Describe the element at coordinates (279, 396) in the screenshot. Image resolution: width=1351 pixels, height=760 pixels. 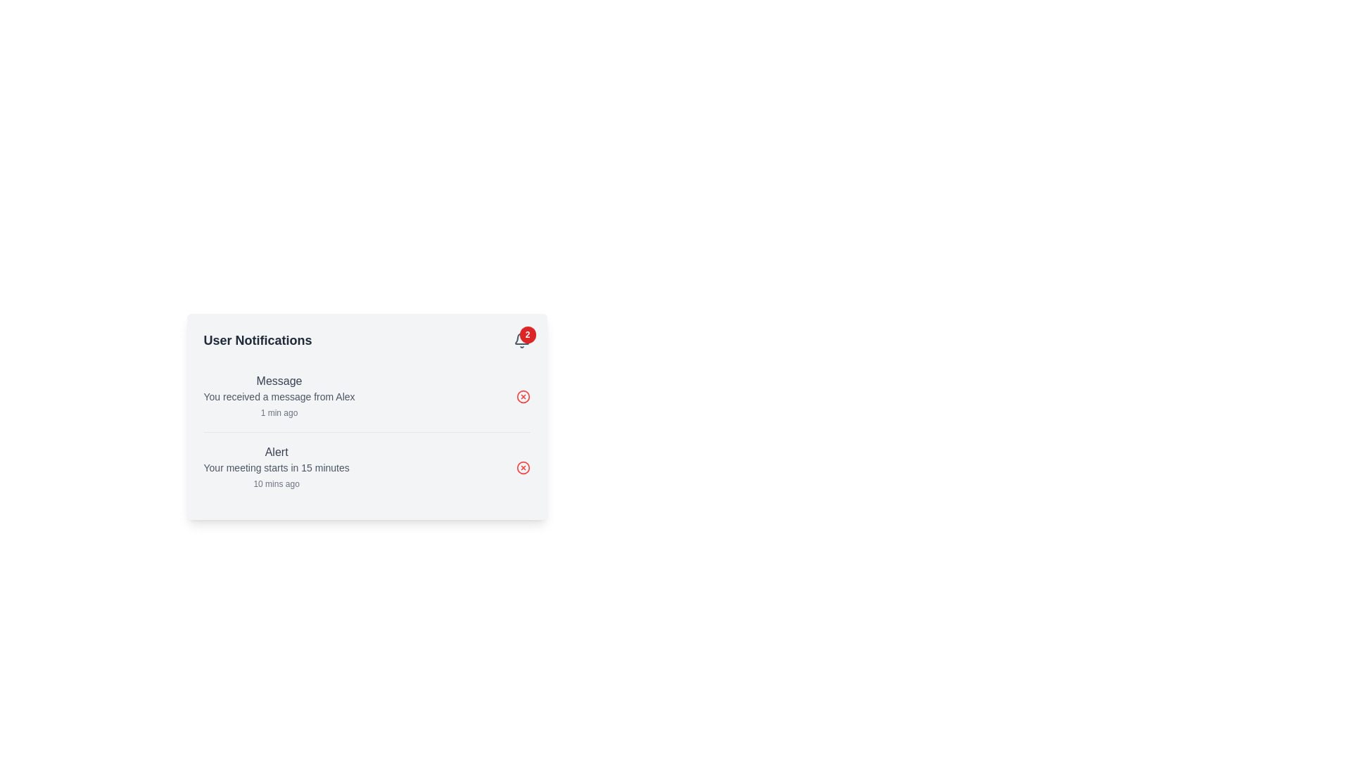
I see `the notification text that informs the user about a message received from 'Alex', located below the 'Message' header and above the '1 min ago' timestamp` at that location.